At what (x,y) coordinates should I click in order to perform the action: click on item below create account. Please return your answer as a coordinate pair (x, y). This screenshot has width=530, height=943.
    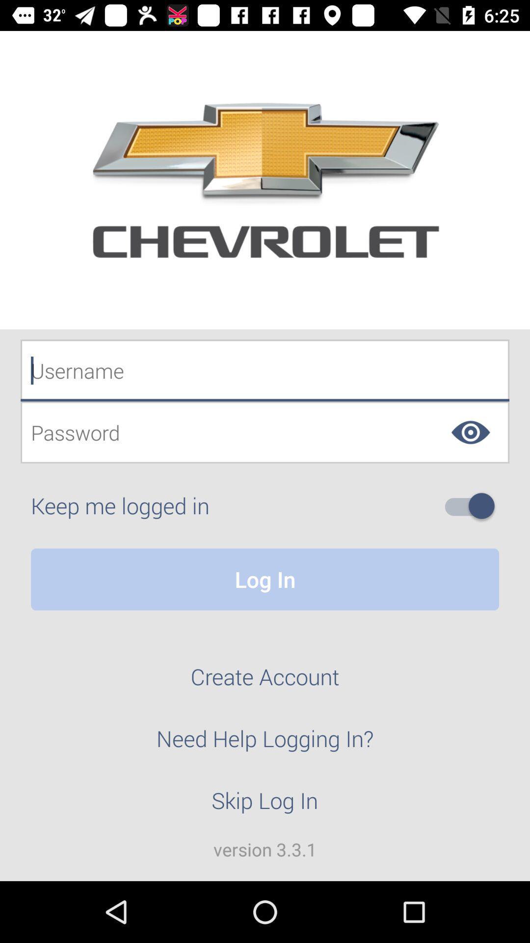
    Looking at the image, I should click on (265, 744).